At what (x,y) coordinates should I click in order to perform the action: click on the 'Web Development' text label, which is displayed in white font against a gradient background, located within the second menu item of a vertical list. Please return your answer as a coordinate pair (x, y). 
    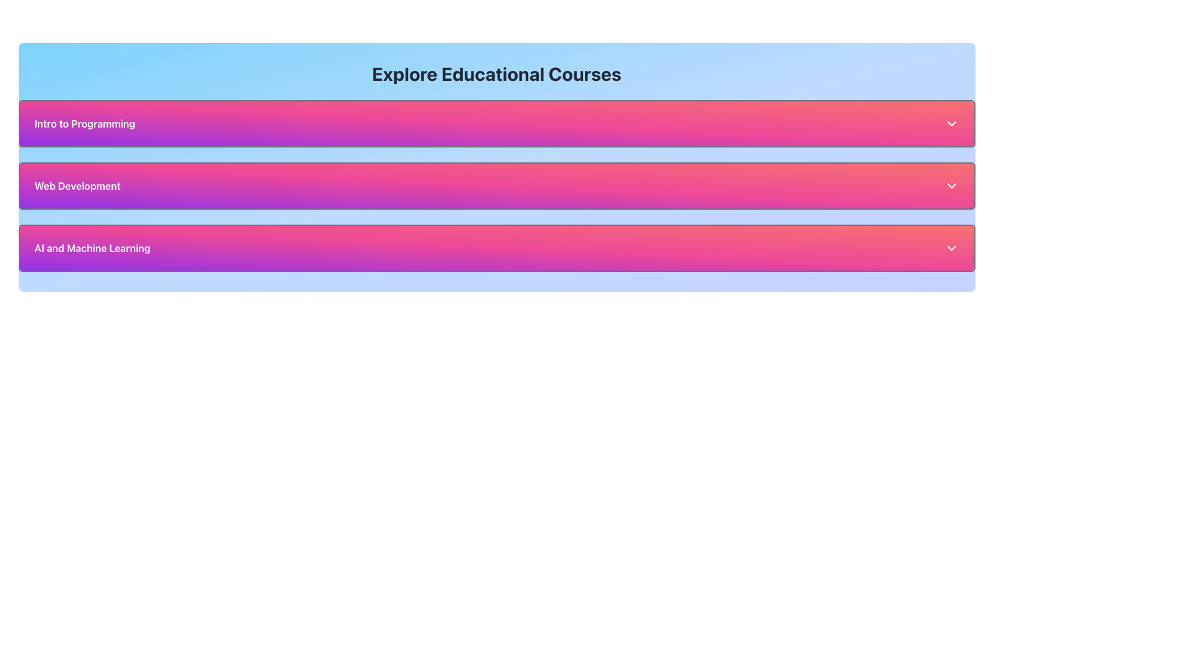
    Looking at the image, I should click on (77, 186).